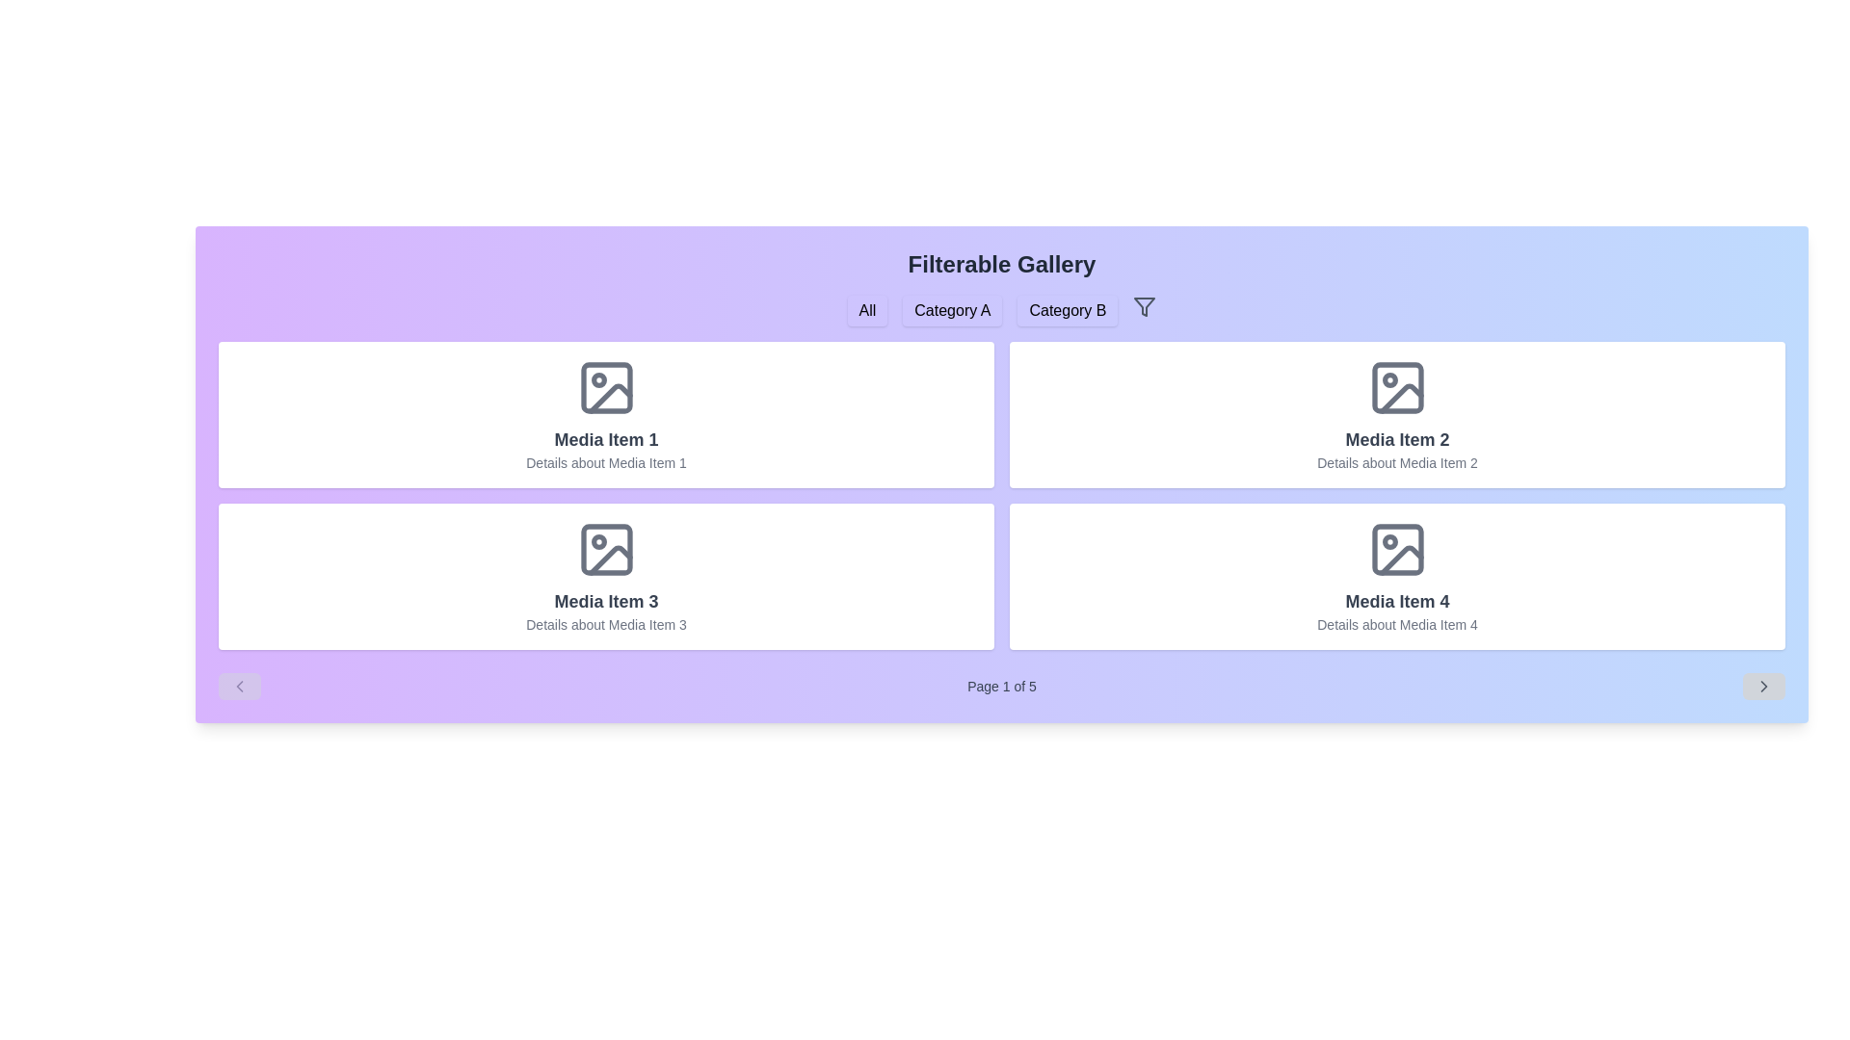 This screenshot has width=1850, height=1040. I want to click on the 'Category A' button in the Interactive menu bar located below the title 'Filterable Gallery' to filter the gallery items by Category A, so click(1002, 310).